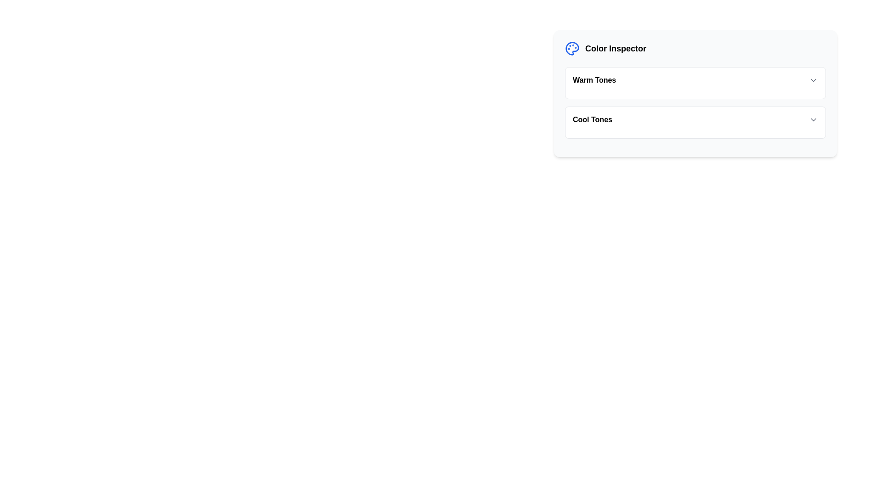 Image resolution: width=882 pixels, height=496 pixels. Describe the element at coordinates (695, 83) in the screenshot. I see `the dropdown menu for 'Warm Tones' to enable keyboard interaction` at that location.